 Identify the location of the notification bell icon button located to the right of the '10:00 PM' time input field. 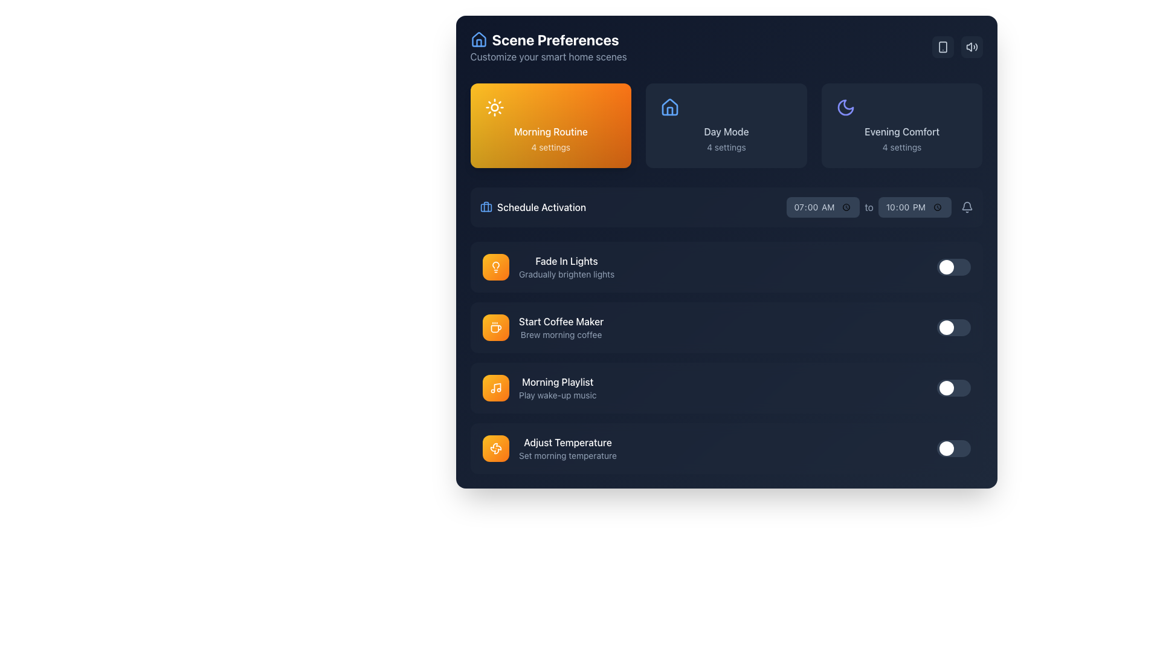
(967, 207).